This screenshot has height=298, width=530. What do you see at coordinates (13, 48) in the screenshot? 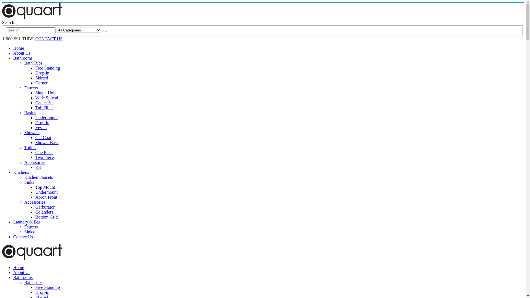
I see `'Home'` at bounding box center [13, 48].